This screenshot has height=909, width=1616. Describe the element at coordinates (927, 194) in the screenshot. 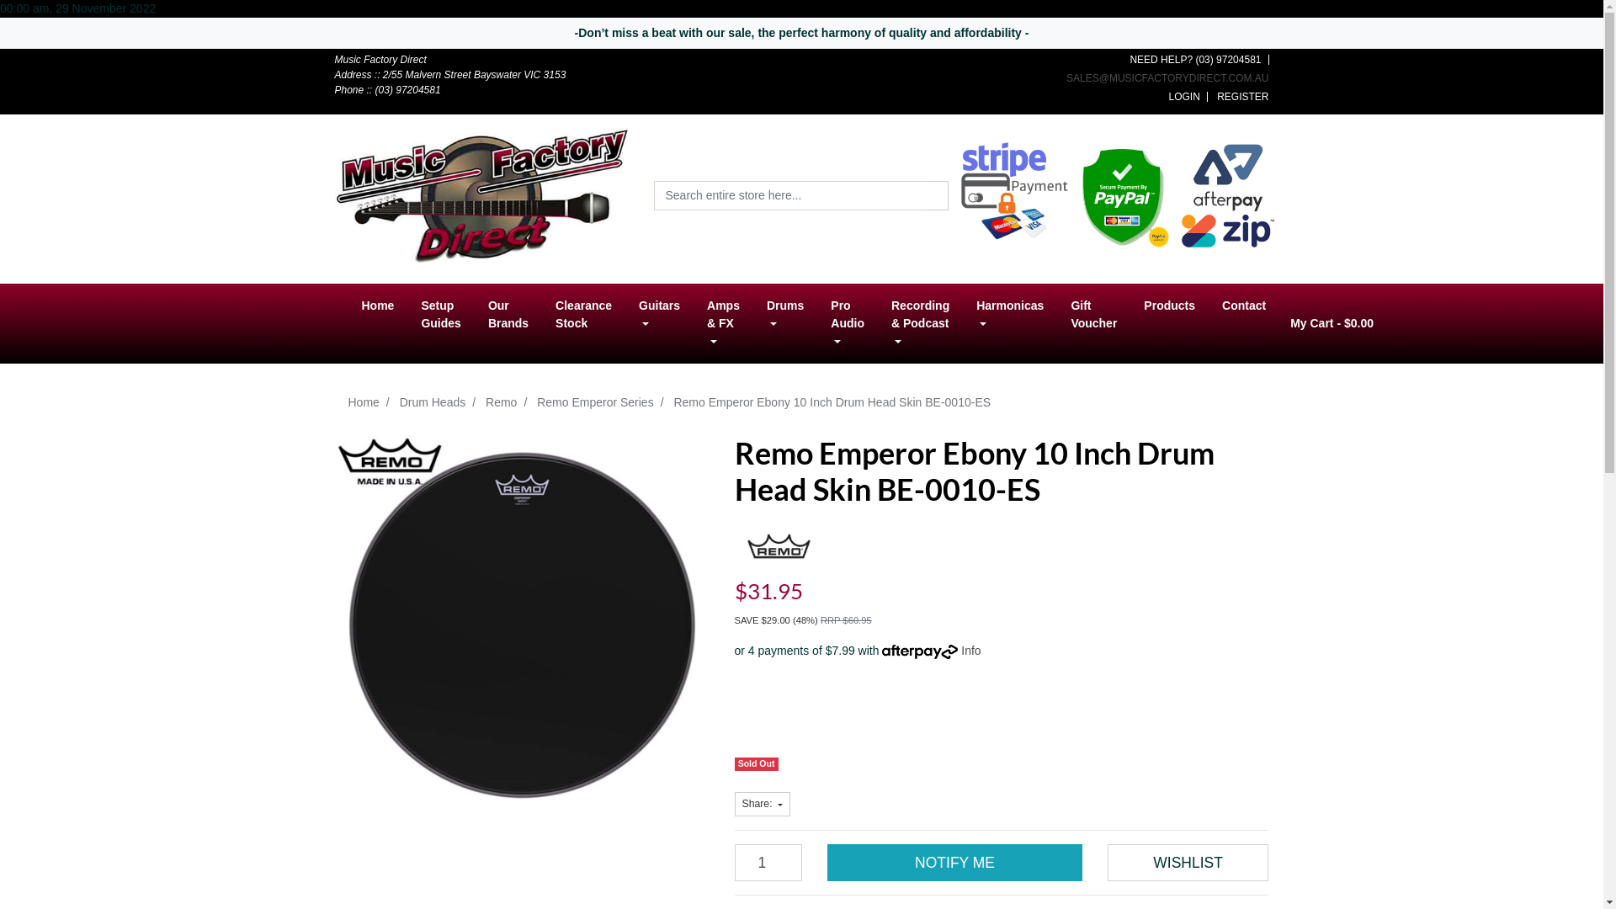

I see `'Search'` at that location.